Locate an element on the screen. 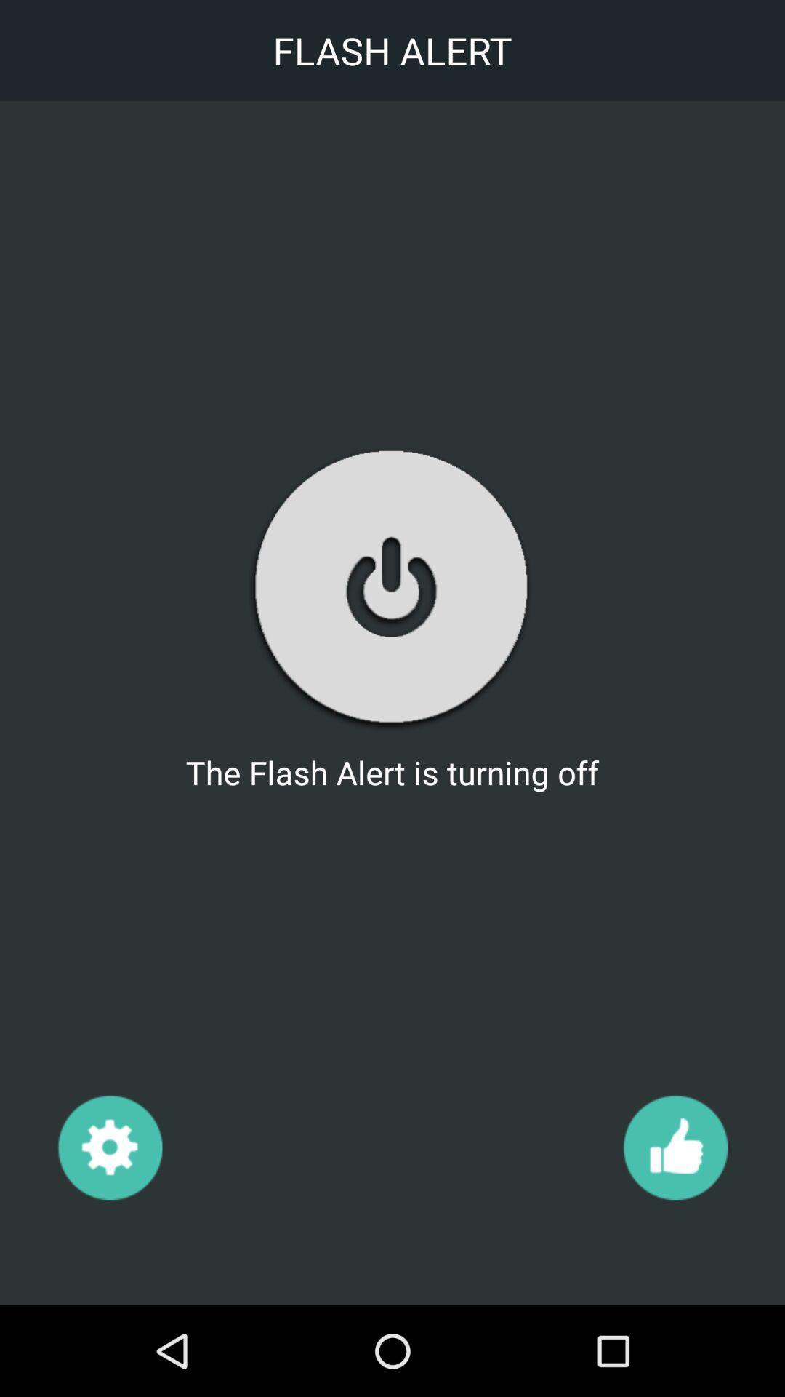 This screenshot has height=1397, width=785. item above the flash alert icon is located at coordinates (391, 588).